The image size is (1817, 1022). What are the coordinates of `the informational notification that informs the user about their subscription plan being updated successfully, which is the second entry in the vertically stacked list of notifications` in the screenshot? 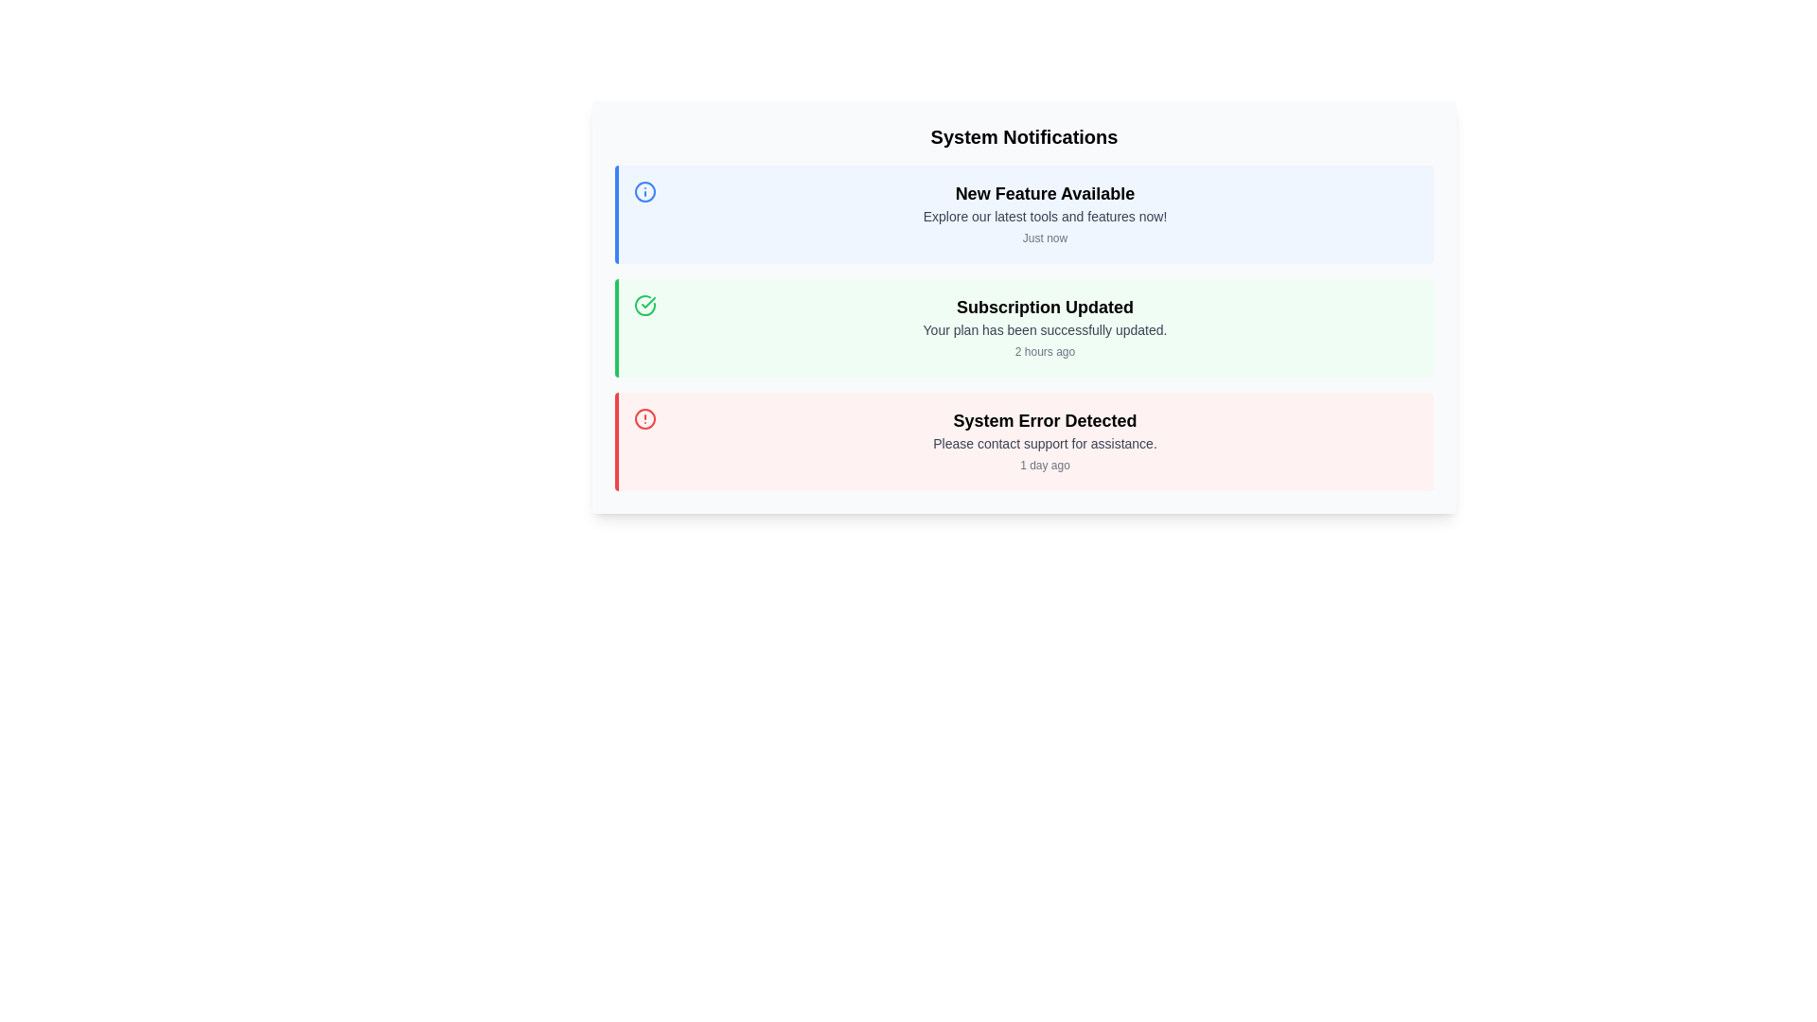 It's located at (1023, 327).